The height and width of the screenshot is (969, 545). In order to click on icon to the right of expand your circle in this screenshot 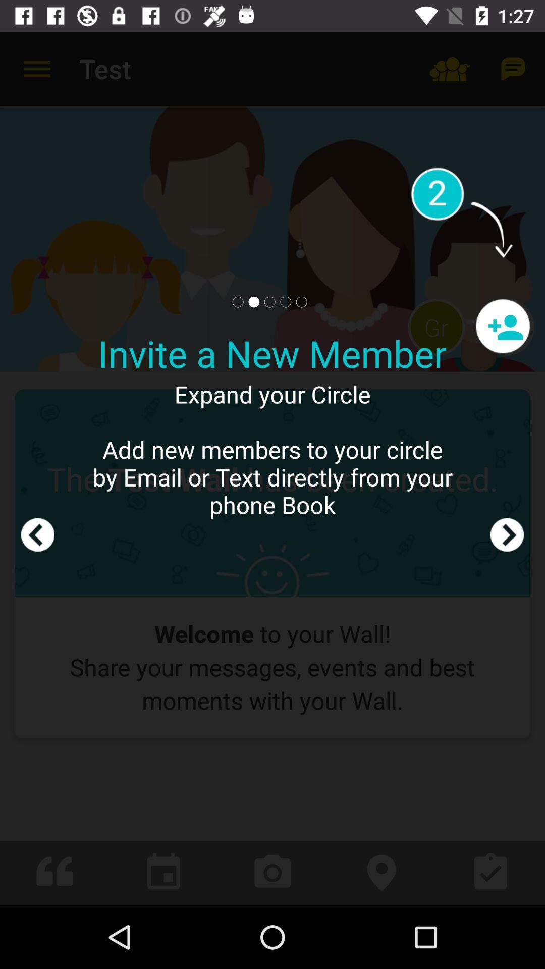, I will do `click(507, 468)`.